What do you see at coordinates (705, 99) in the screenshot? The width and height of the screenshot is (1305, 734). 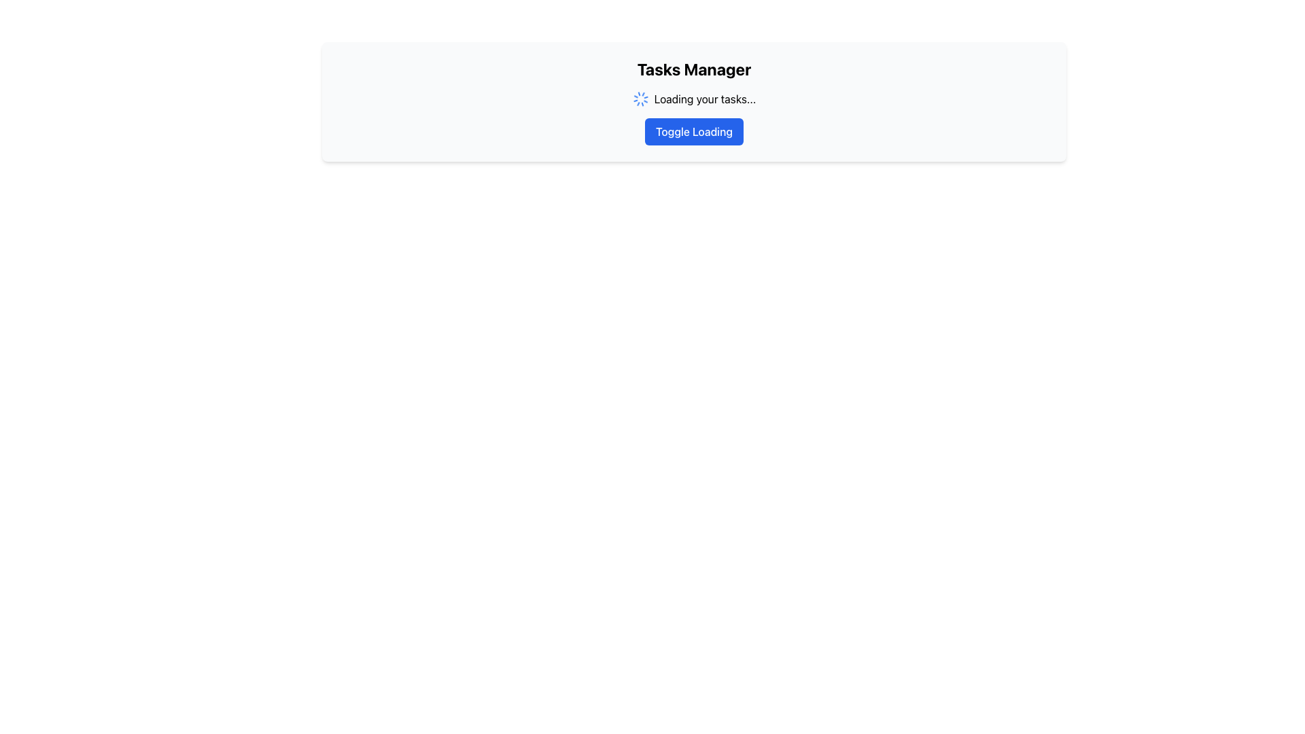 I see `the static text label indicating the loading of tasks, located to the right of the animated spinner icon and below the 'Tasks Manager' label` at bounding box center [705, 99].